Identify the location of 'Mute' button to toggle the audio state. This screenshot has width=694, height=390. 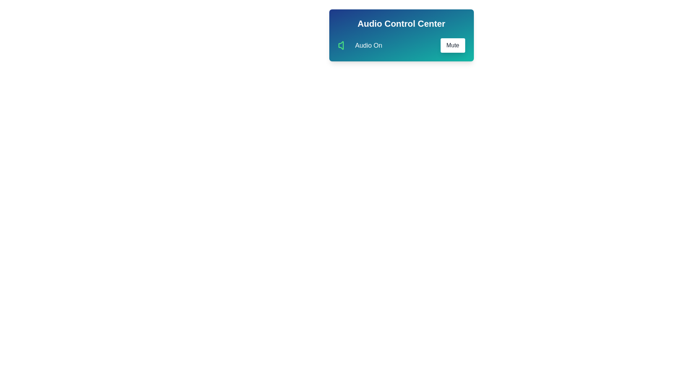
(452, 45).